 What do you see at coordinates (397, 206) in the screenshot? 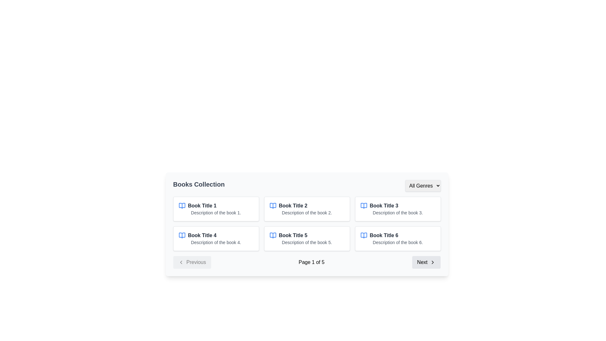
I see `text 'Book Title 3' styled in bold and dark gray color, which is adjacent to a blue-colored book icon in the 'Books Collection' section` at bounding box center [397, 206].